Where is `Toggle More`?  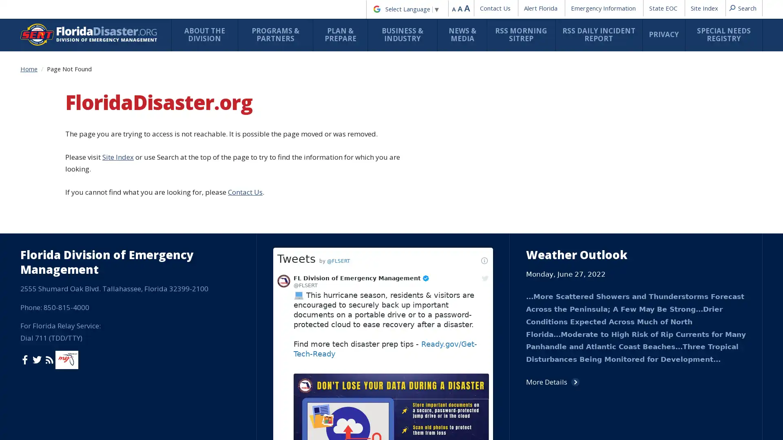 Toggle More is located at coordinates (327, 127).